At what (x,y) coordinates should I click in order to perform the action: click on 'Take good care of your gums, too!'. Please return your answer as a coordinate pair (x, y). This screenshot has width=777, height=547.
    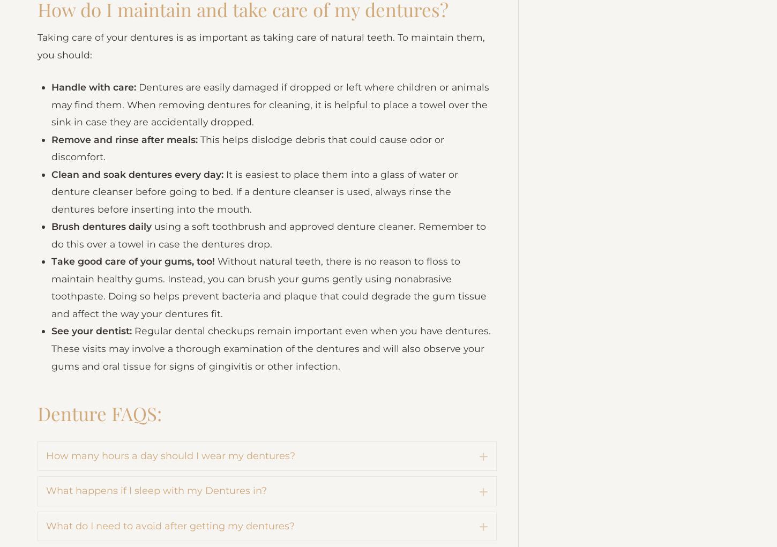
    Looking at the image, I should click on (137, 327).